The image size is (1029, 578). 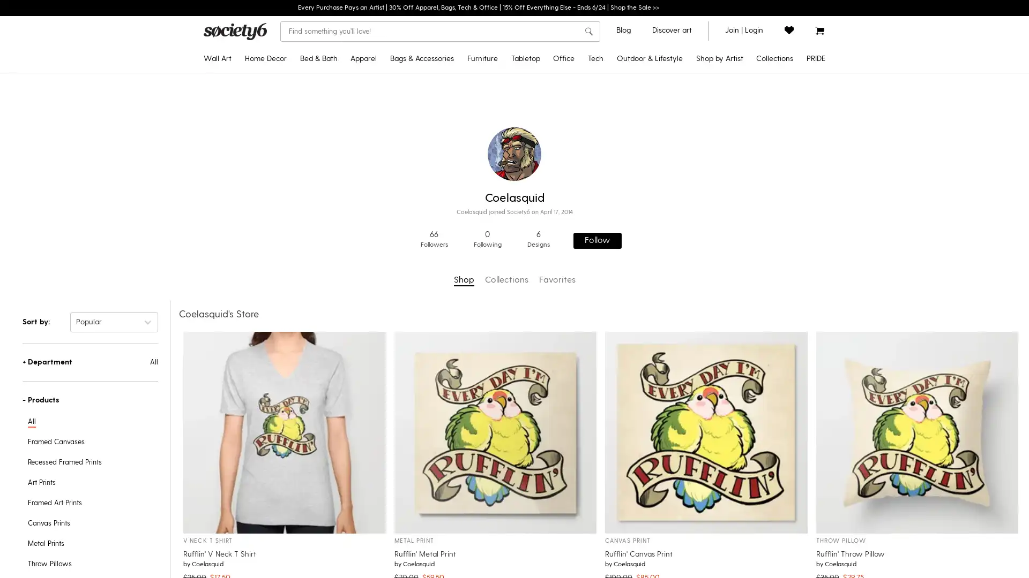 I want to click on Popular Wall Art, so click(x=735, y=155).